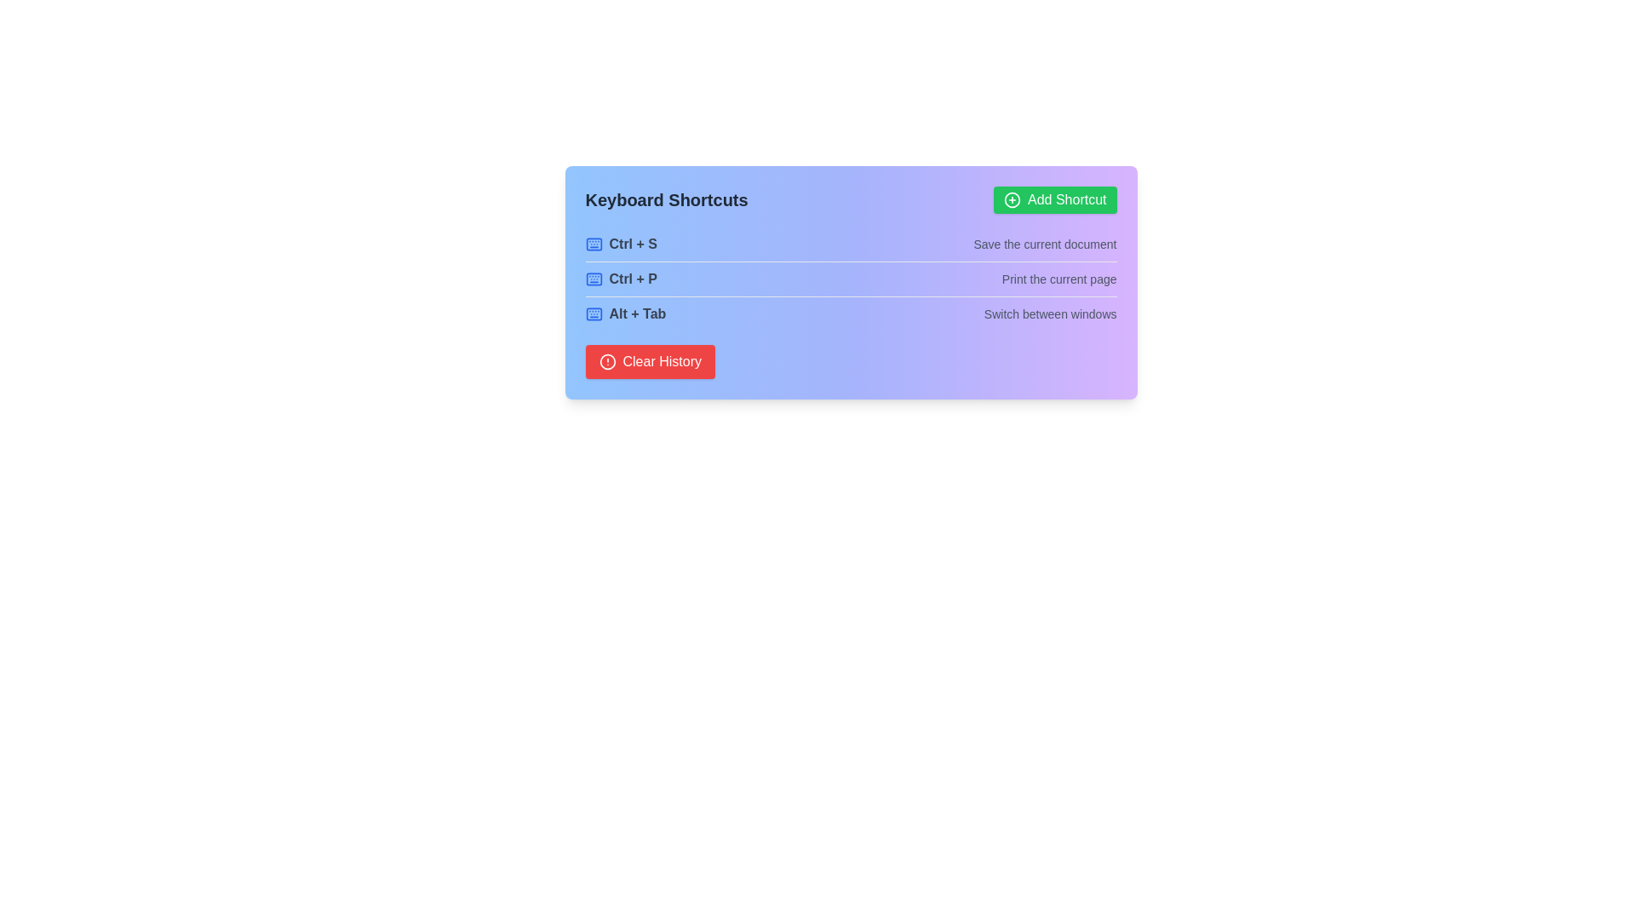 This screenshot has width=1635, height=920. I want to click on the Circular alert icon within the SVG, which serves as a warning indicator related to the 'Clear History' button, so click(607, 360).